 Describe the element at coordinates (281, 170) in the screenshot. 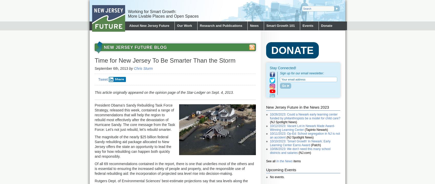

I see `'Upcoming Events'` at that location.